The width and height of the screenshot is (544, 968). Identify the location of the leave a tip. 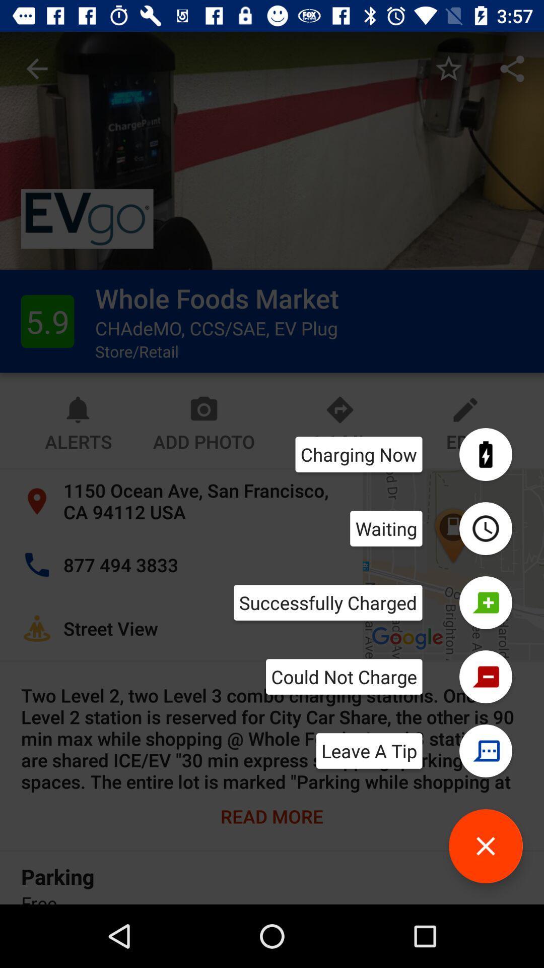
(369, 751).